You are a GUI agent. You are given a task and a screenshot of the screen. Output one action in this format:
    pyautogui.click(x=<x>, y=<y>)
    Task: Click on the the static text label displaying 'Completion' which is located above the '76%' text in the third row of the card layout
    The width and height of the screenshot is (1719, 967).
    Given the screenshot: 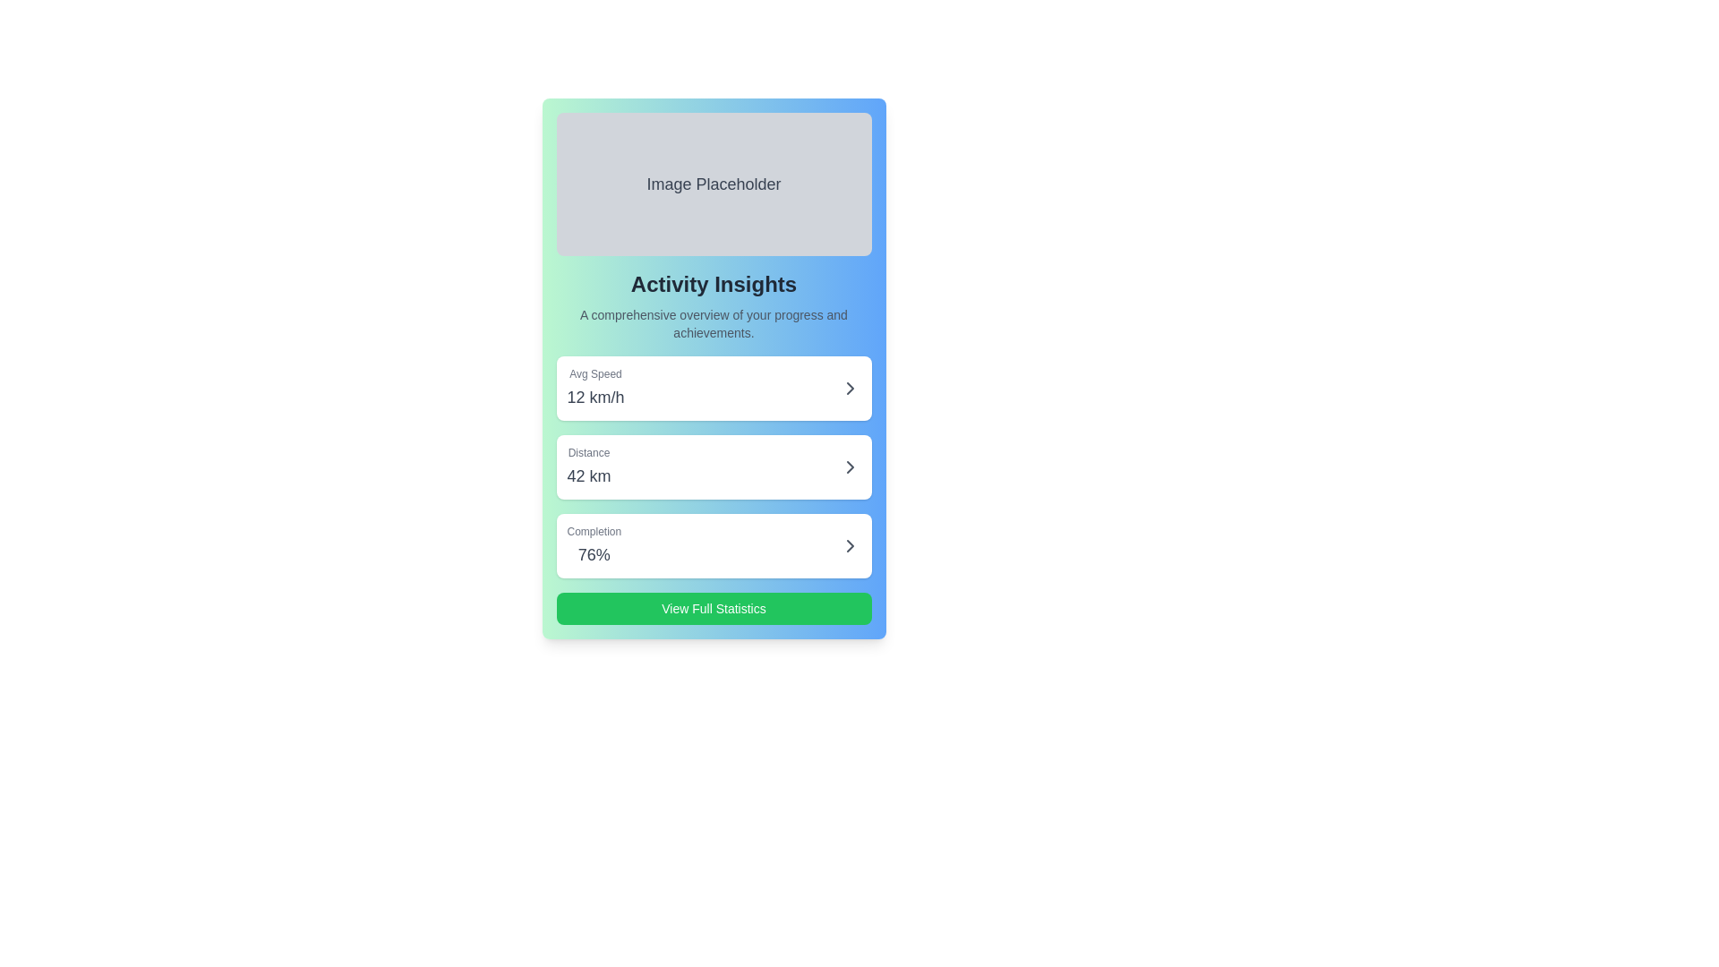 What is the action you would take?
    pyautogui.click(x=594, y=531)
    